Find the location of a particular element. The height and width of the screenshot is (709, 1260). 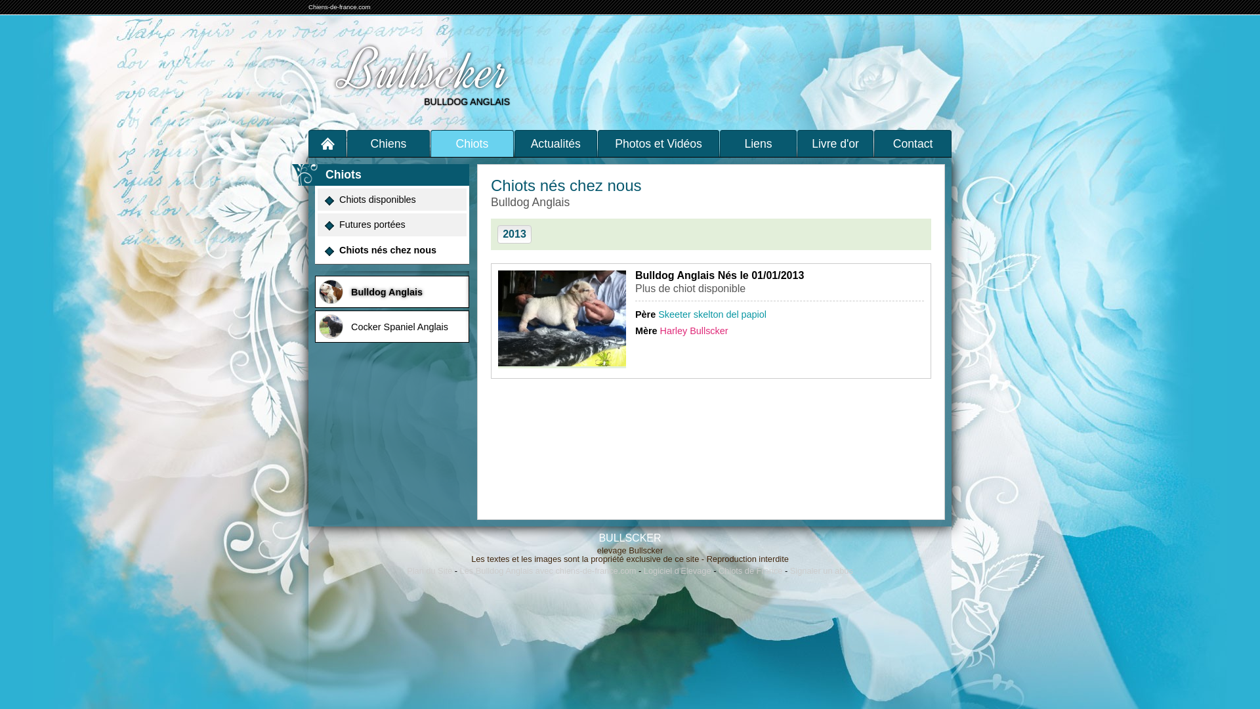

'Cocker Spaniel Anglais' is located at coordinates (391, 326).